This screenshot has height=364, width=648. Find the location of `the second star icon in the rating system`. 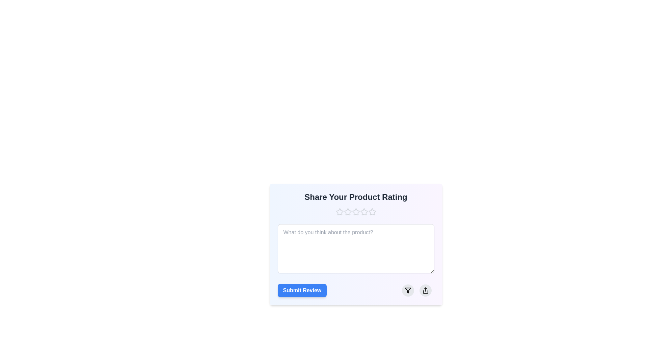

the second star icon in the rating system is located at coordinates (348, 211).